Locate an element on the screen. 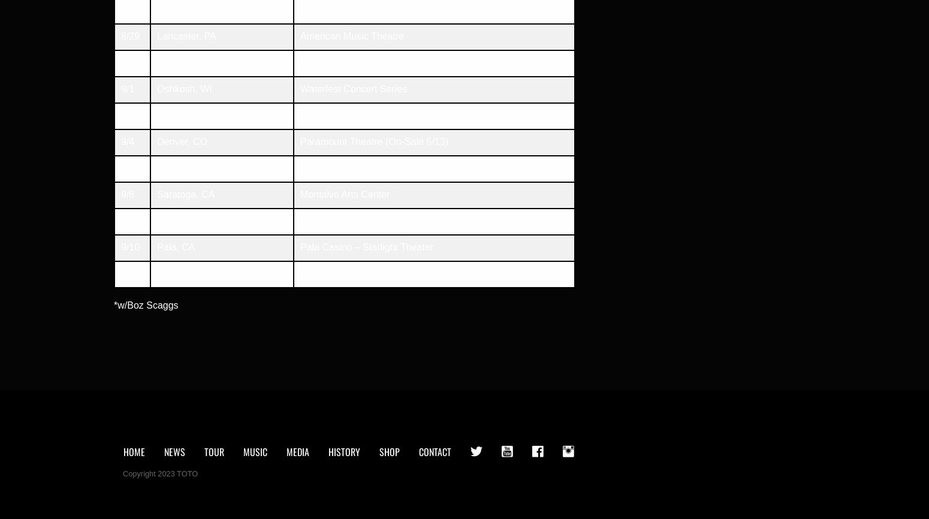 The image size is (929, 519). 'Shop' is located at coordinates (389, 451).